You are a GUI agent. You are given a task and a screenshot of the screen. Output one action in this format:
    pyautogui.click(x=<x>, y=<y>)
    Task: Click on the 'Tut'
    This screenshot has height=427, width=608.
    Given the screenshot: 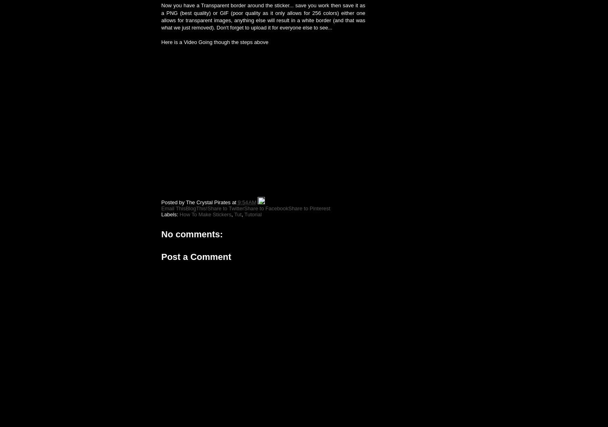 What is the action you would take?
    pyautogui.click(x=233, y=214)
    